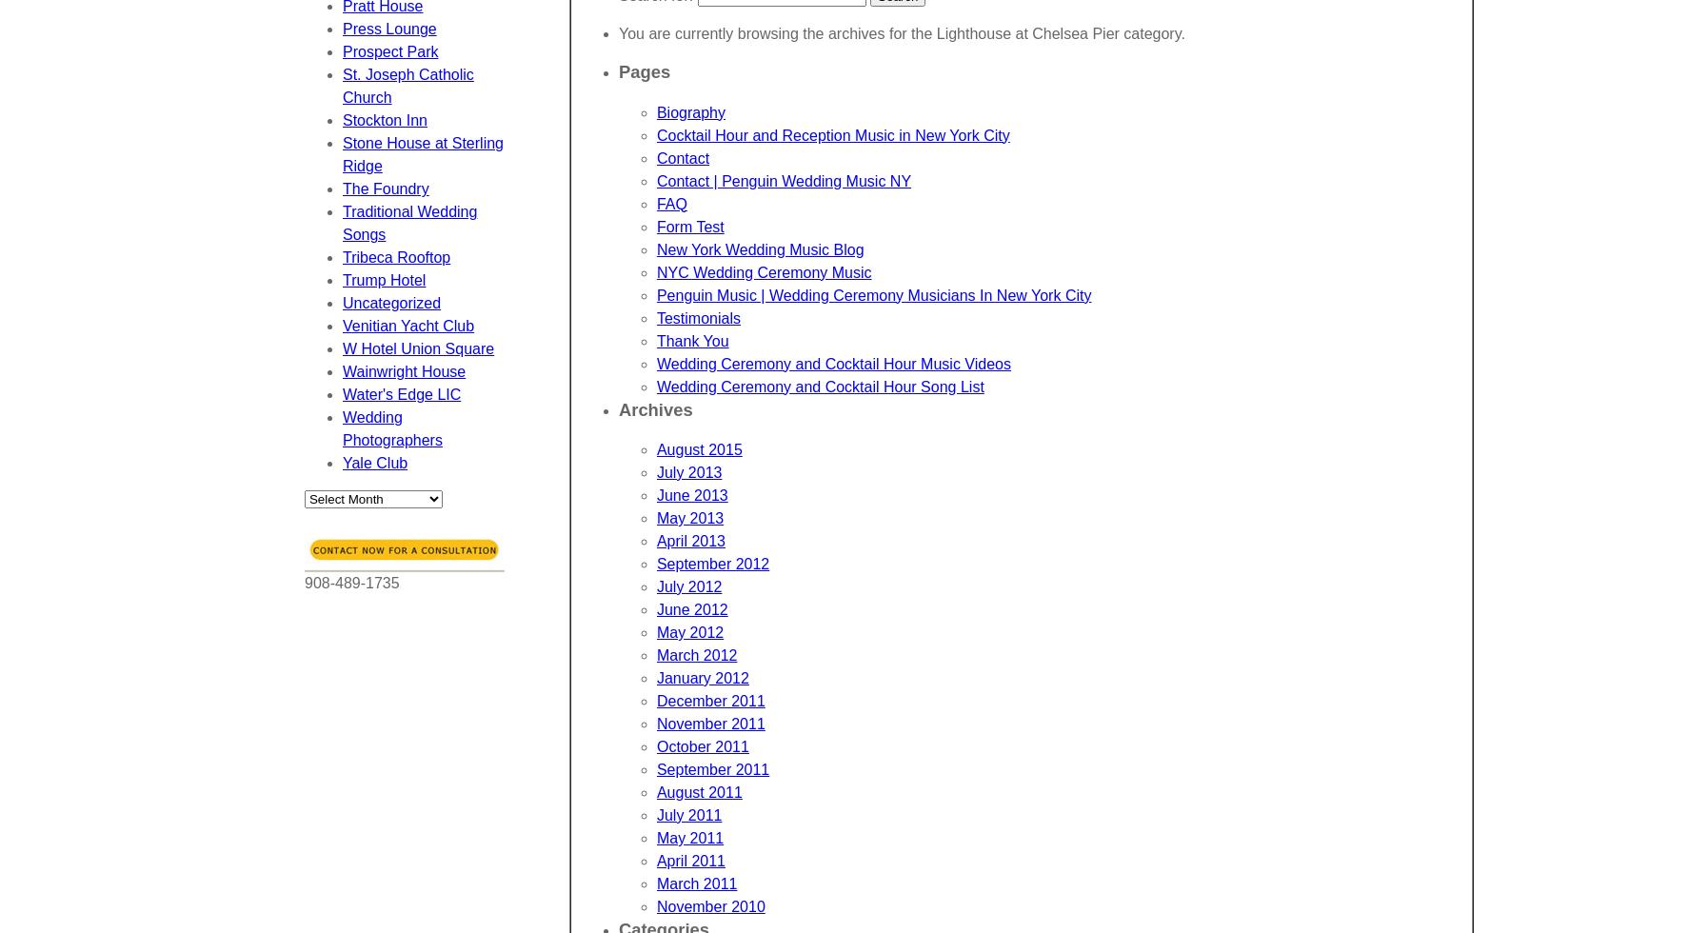 The height and width of the screenshot is (933, 1690). I want to click on 'Trump Hotel', so click(382, 280).